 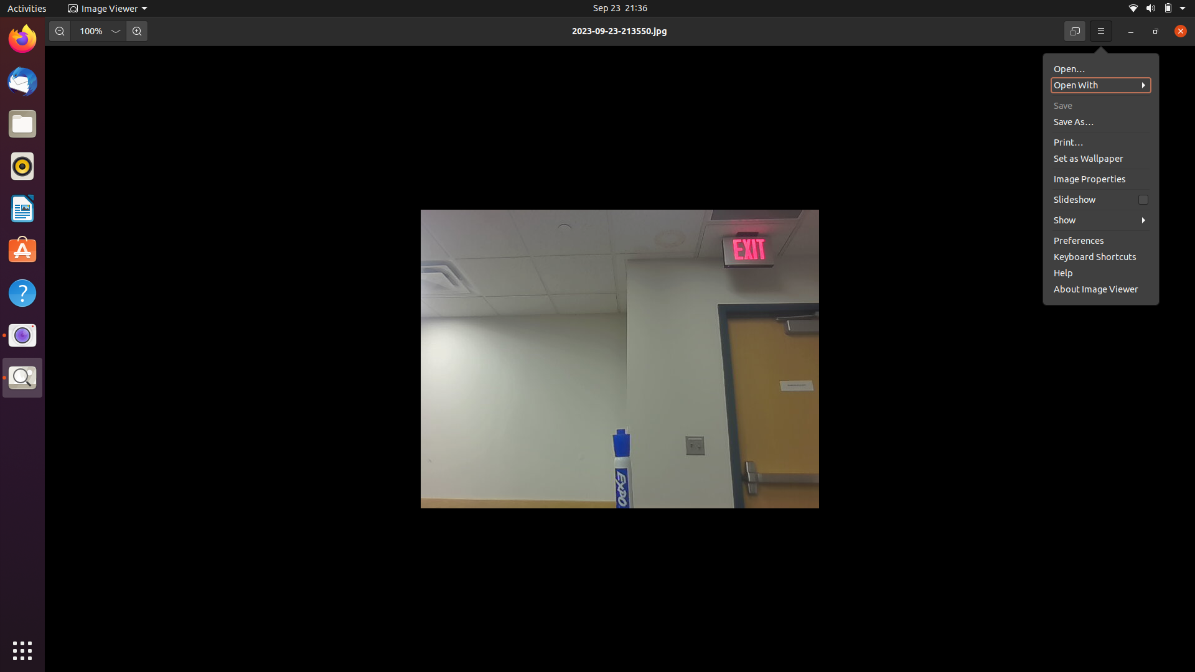 What do you see at coordinates (59, 30) in the screenshot?
I see `Perform two consecutive zoom-outs on the image` at bounding box center [59, 30].